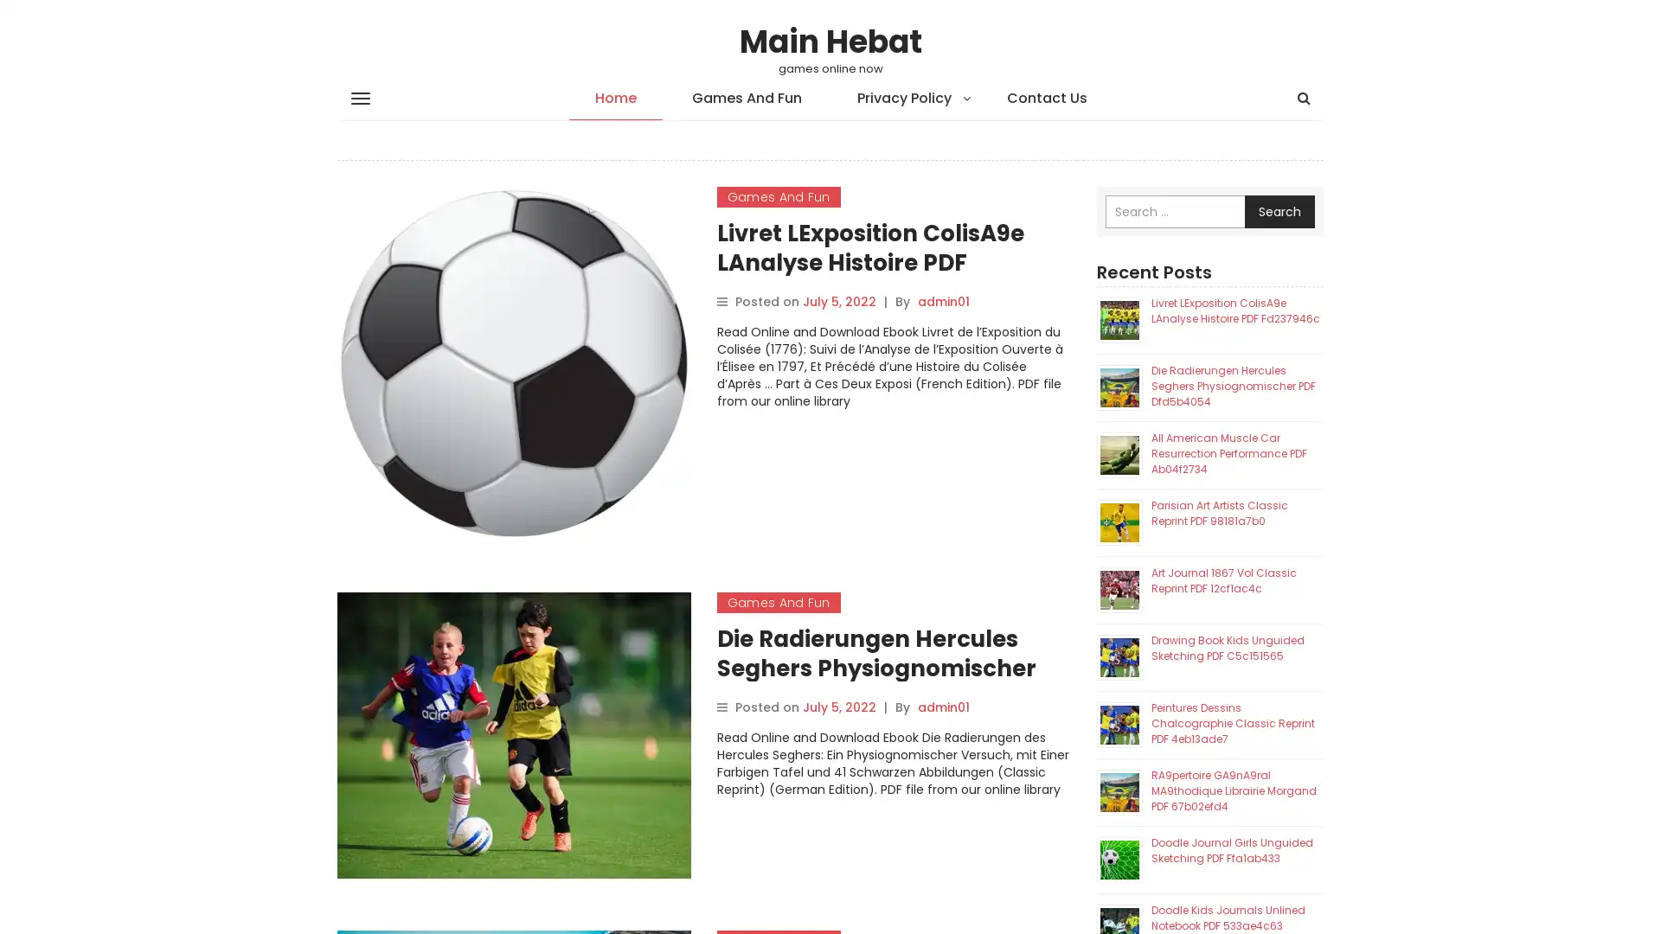 The width and height of the screenshot is (1661, 934). What do you see at coordinates (1279, 211) in the screenshot?
I see `Search` at bounding box center [1279, 211].